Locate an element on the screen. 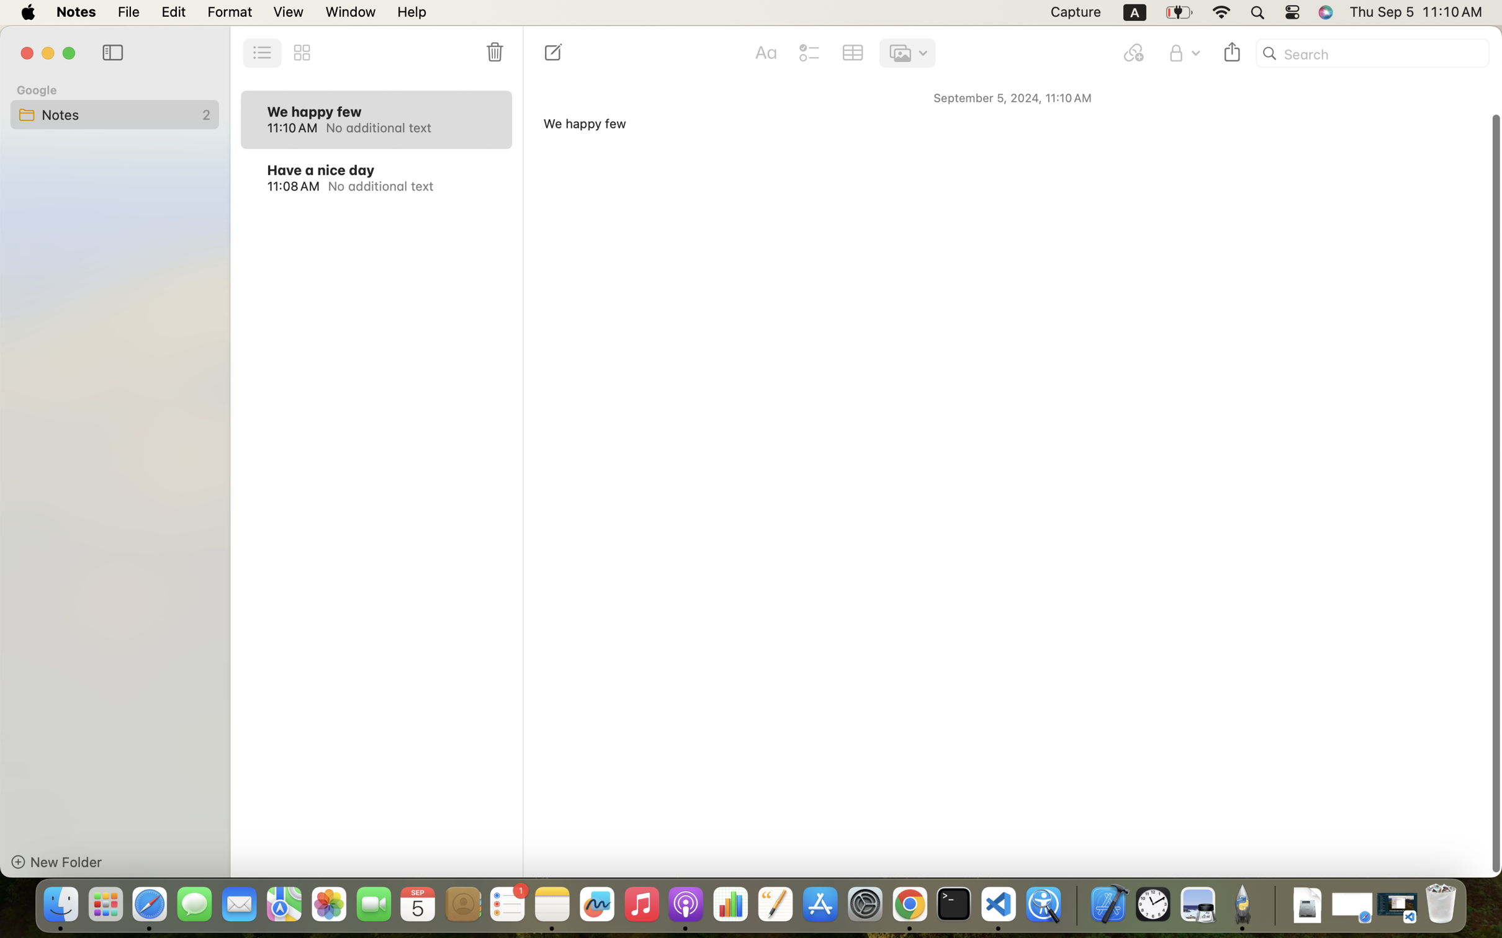  '11:08 AM' is located at coordinates (292, 185).